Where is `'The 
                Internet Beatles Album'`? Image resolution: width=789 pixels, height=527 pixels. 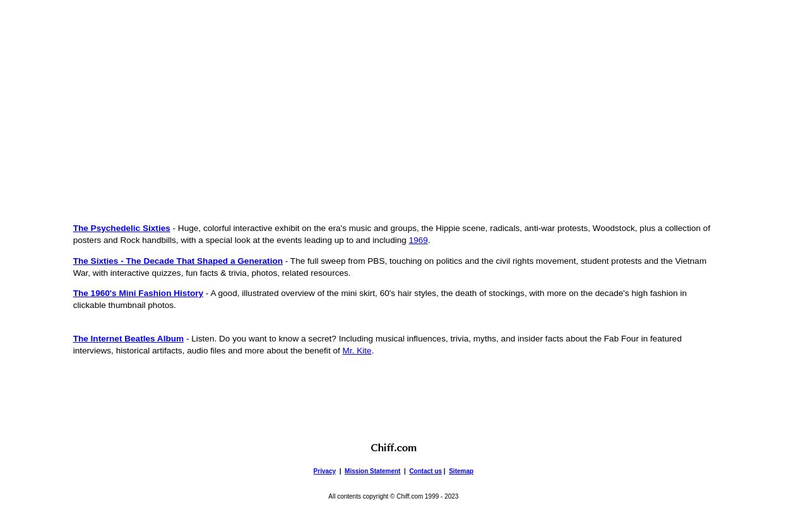
'The 
                Internet Beatles Album' is located at coordinates (128, 338).